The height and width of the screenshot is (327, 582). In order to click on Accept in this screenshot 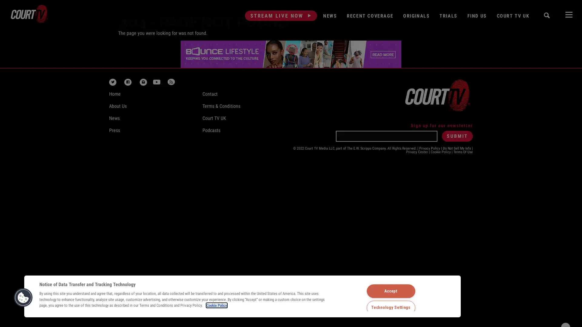, I will do `click(391, 290)`.